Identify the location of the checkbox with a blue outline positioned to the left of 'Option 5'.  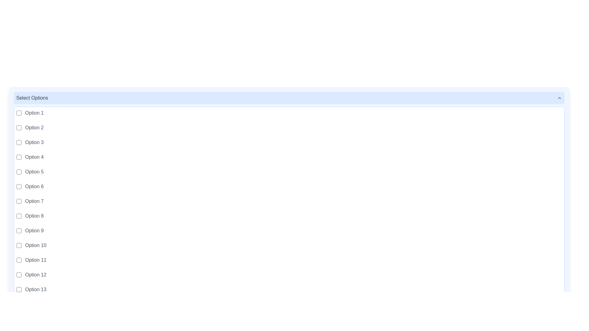
(19, 172).